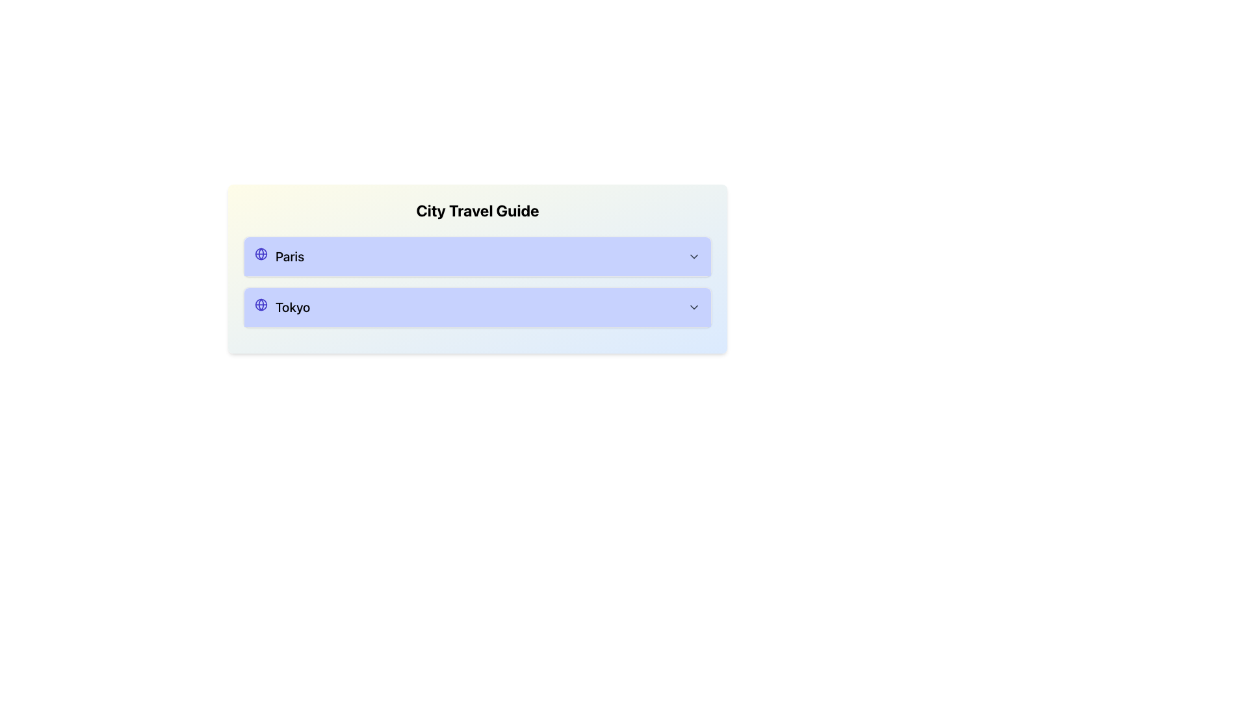 This screenshot has height=702, width=1248. What do you see at coordinates (476, 256) in the screenshot?
I see `the selectable option for the city 'Paris' to trigger hover effects` at bounding box center [476, 256].